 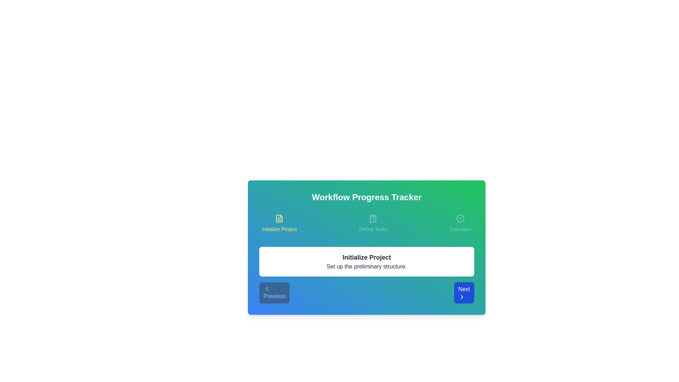 What do you see at coordinates (274, 293) in the screenshot?
I see `the Previous button to navigate the workflow` at bounding box center [274, 293].